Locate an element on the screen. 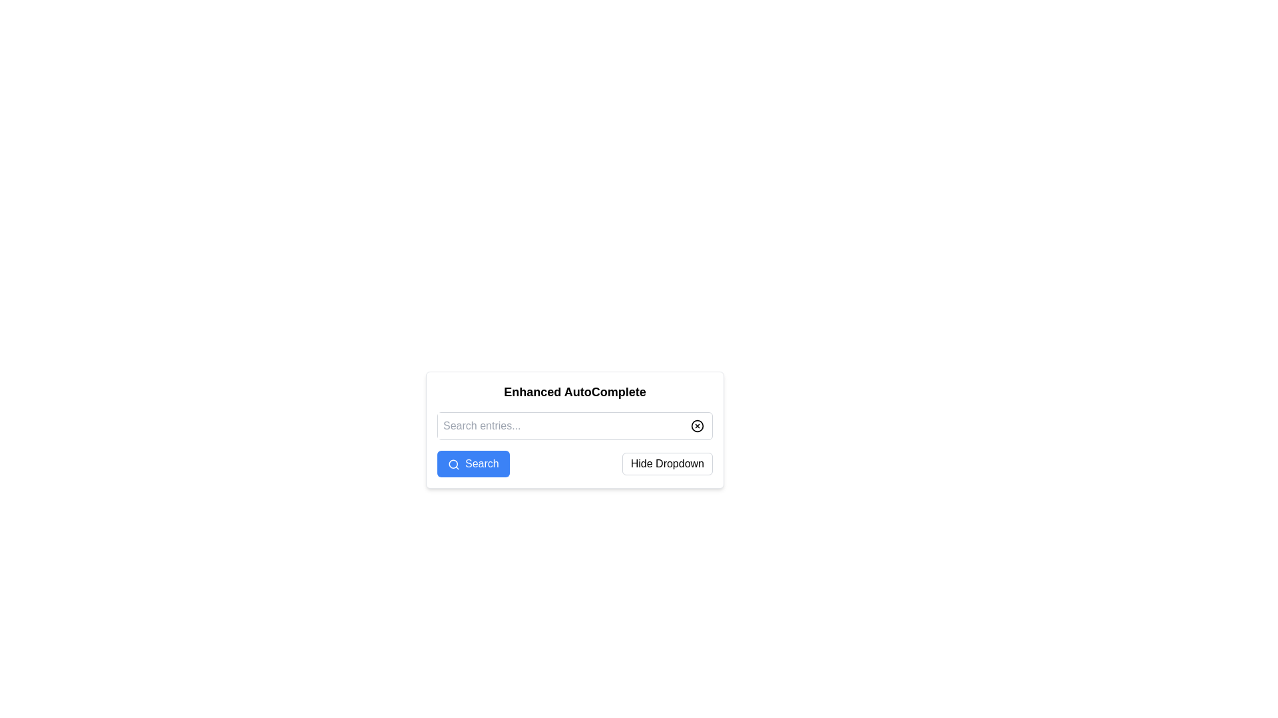 This screenshot has height=718, width=1278. the Close icon button located at the far-right side of the input field to clear the entered text is located at coordinates (696, 425).